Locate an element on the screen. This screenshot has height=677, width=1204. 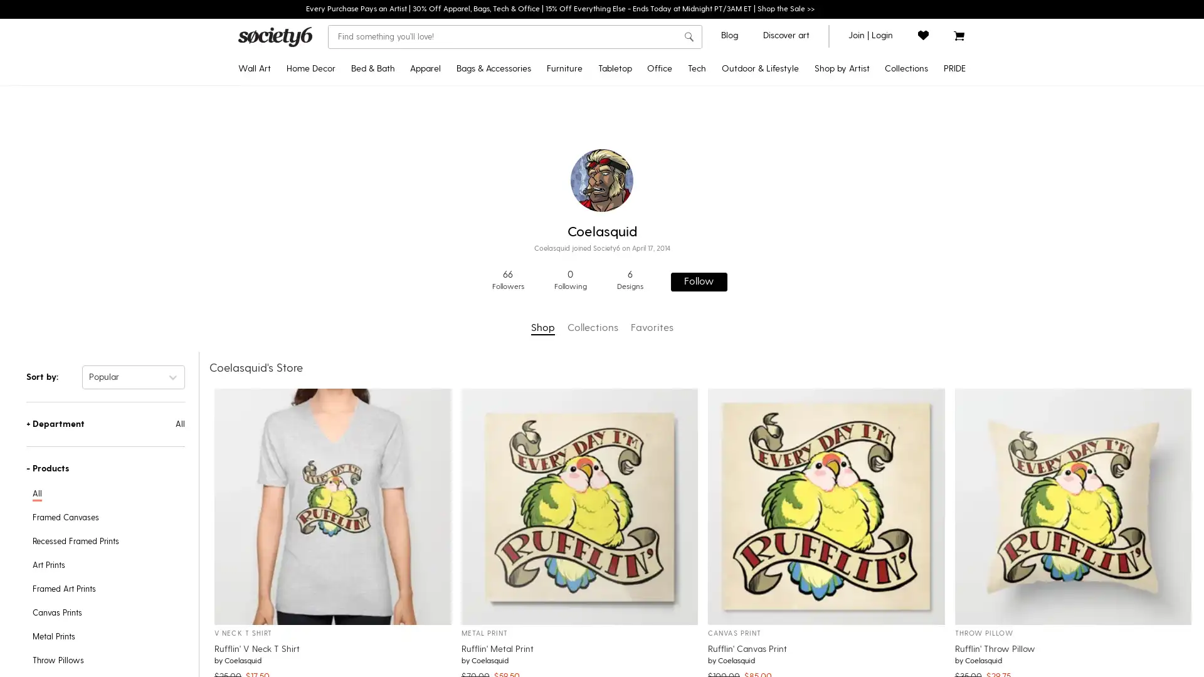
Counter Stools is located at coordinates (586, 160).